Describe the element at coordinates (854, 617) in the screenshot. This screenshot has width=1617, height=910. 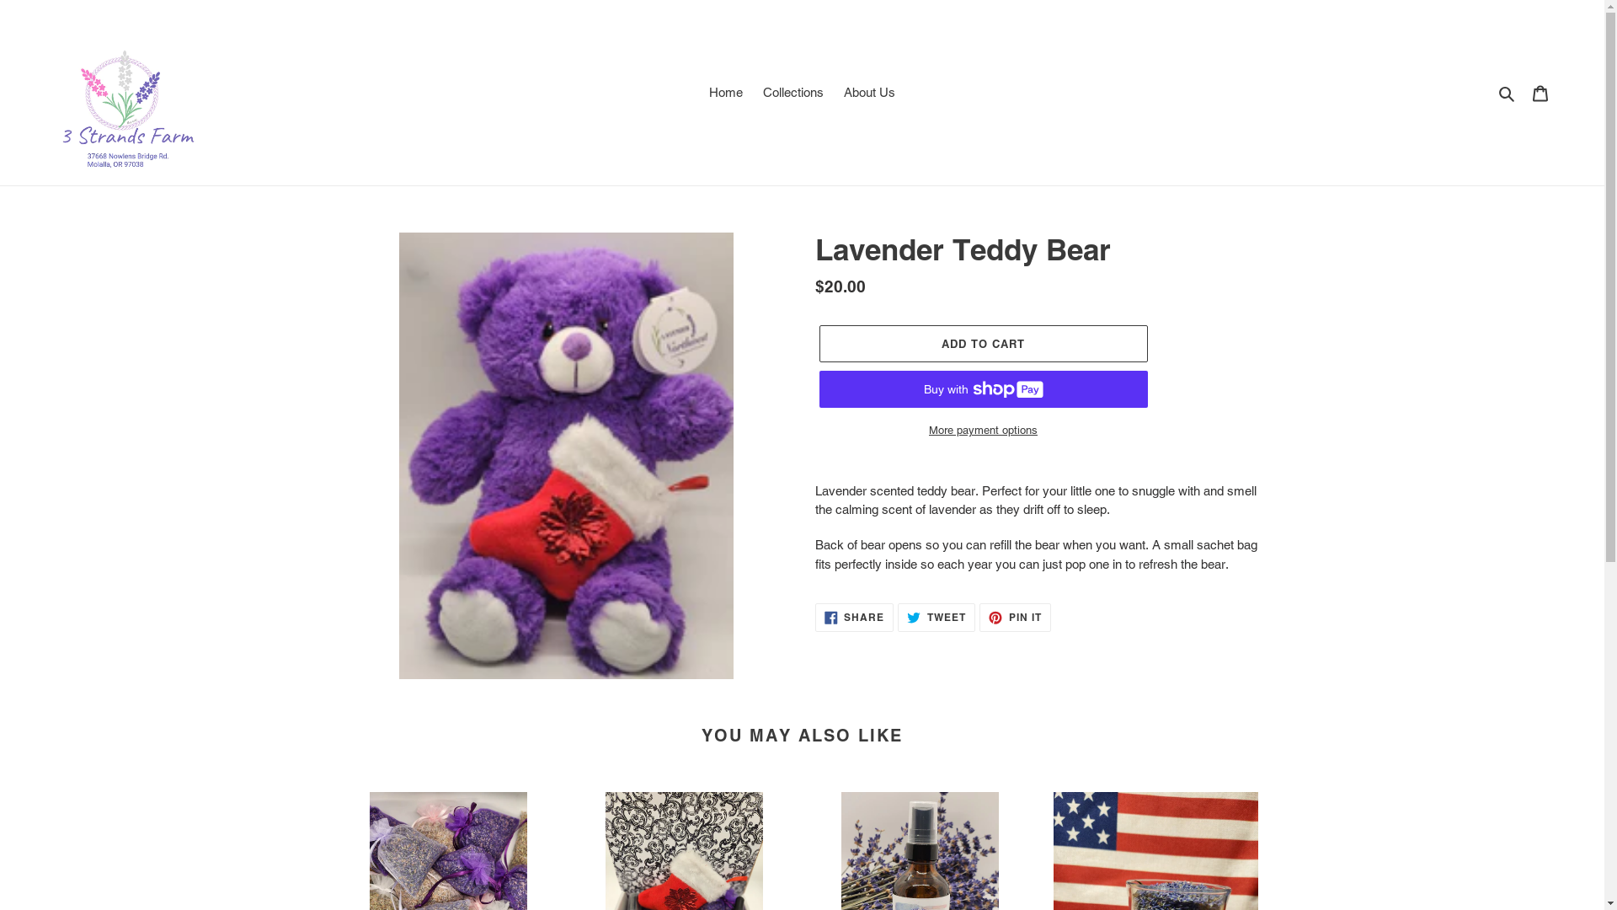
I see `'SHARE` at that location.